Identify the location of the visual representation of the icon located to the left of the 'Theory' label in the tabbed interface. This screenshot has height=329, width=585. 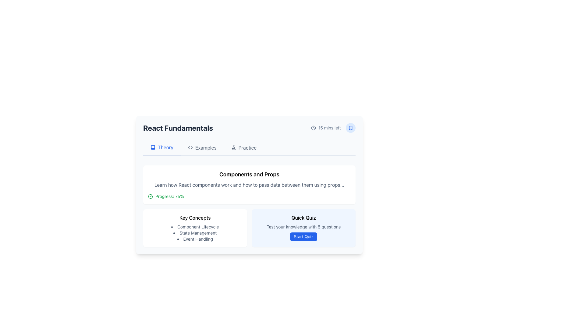
(153, 147).